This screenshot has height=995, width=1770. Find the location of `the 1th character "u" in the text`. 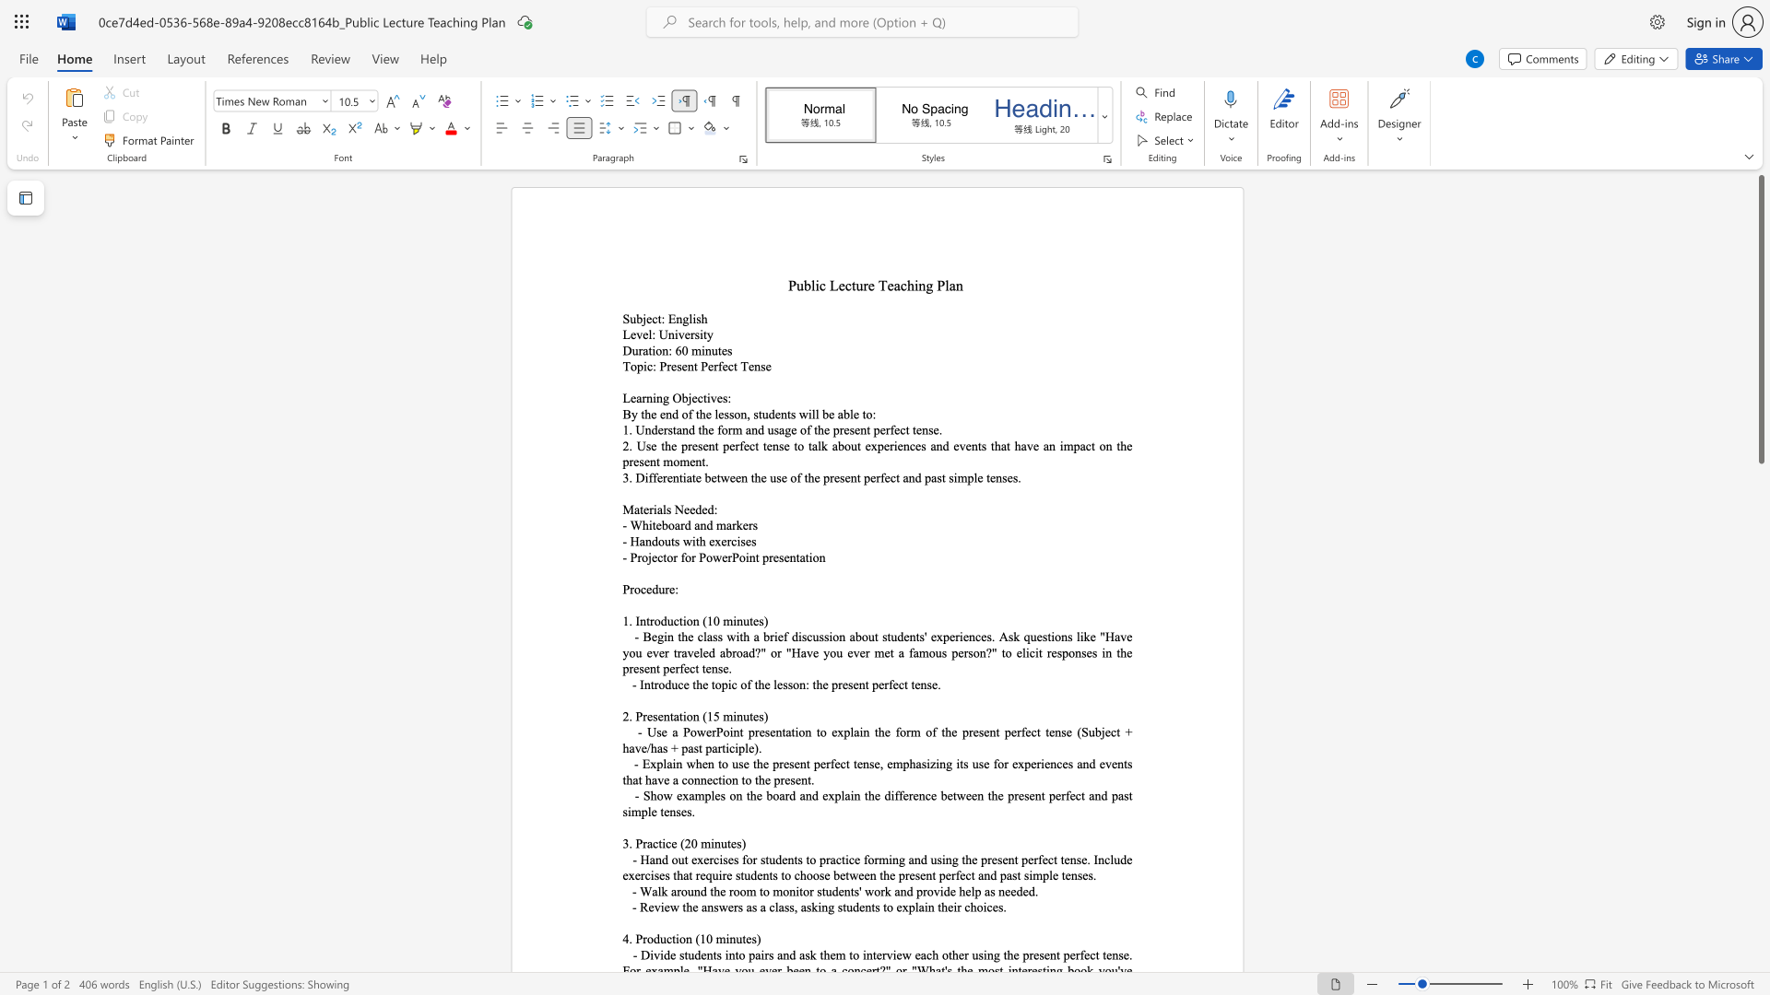

the 1th character "u" in the text is located at coordinates (723, 843).